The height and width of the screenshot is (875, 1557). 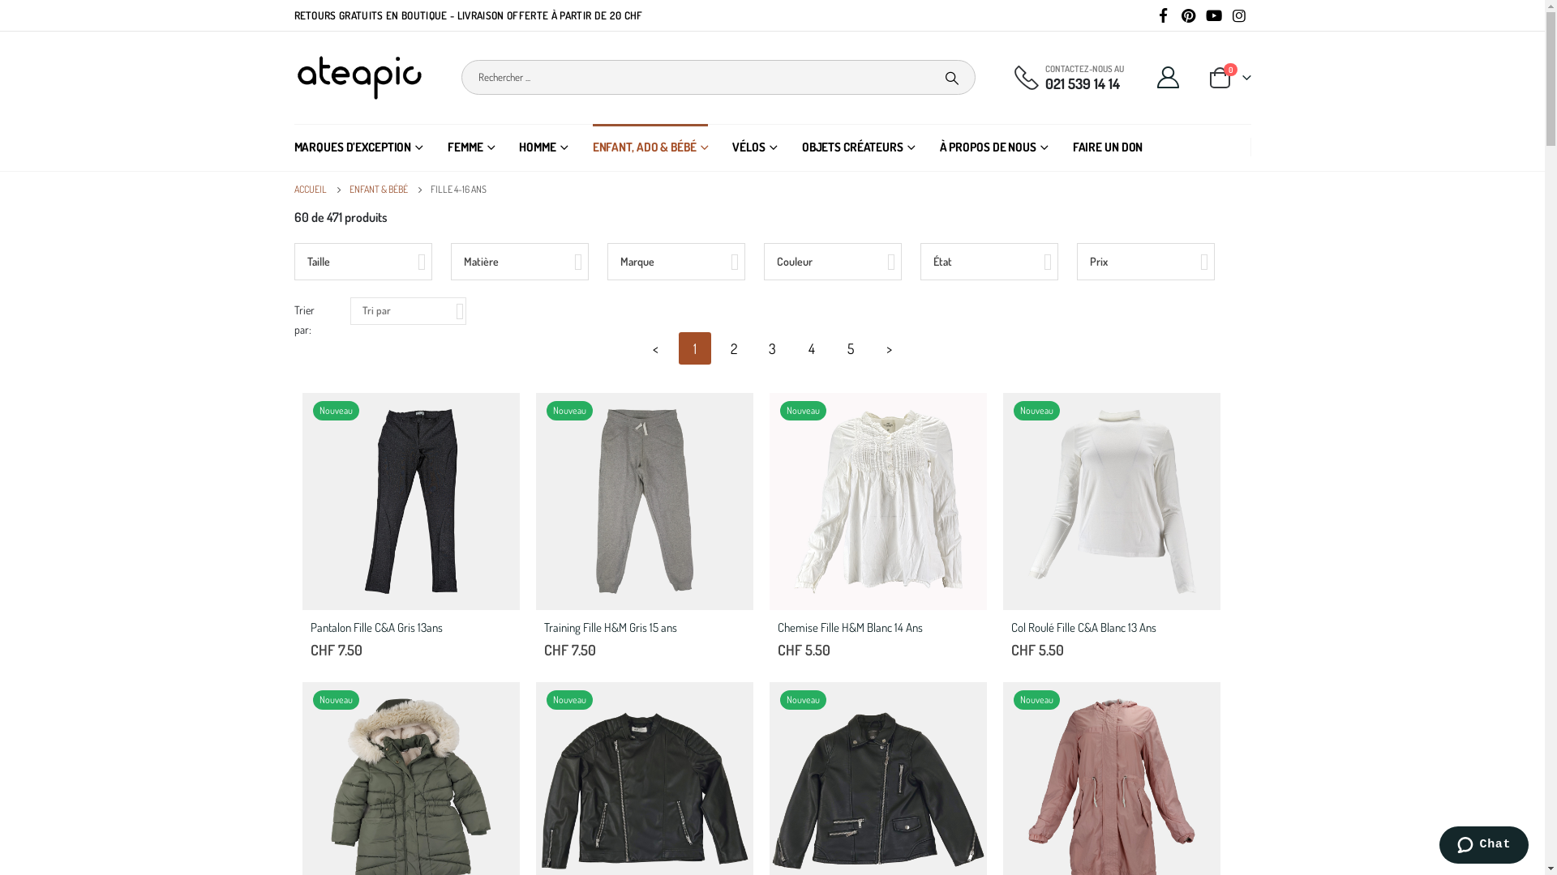 What do you see at coordinates (693, 347) in the screenshot?
I see `'1'` at bounding box center [693, 347].